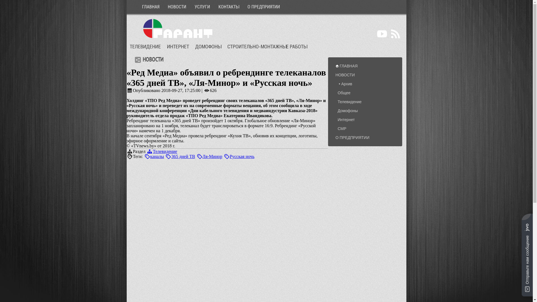  Describe the element at coordinates (382, 34) in the screenshot. I see `'YouTube'` at that location.